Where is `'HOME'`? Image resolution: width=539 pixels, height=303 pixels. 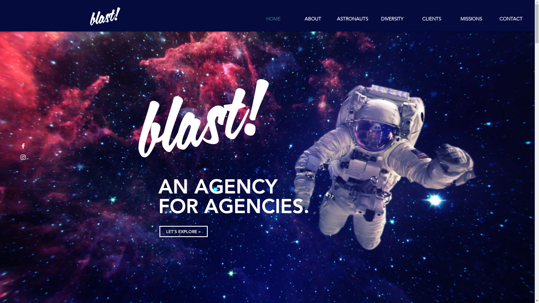
'HOME' is located at coordinates (253, 18).